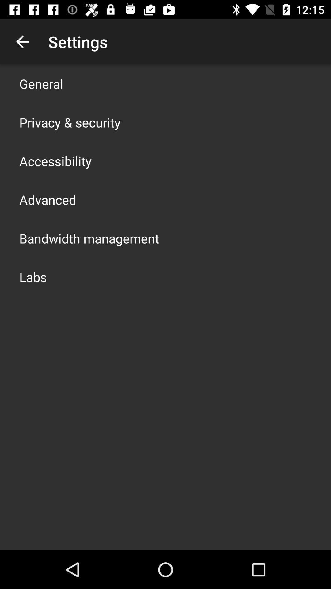 The image size is (331, 589). Describe the element at coordinates (33, 276) in the screenshot. I see `the labs item` at that location.